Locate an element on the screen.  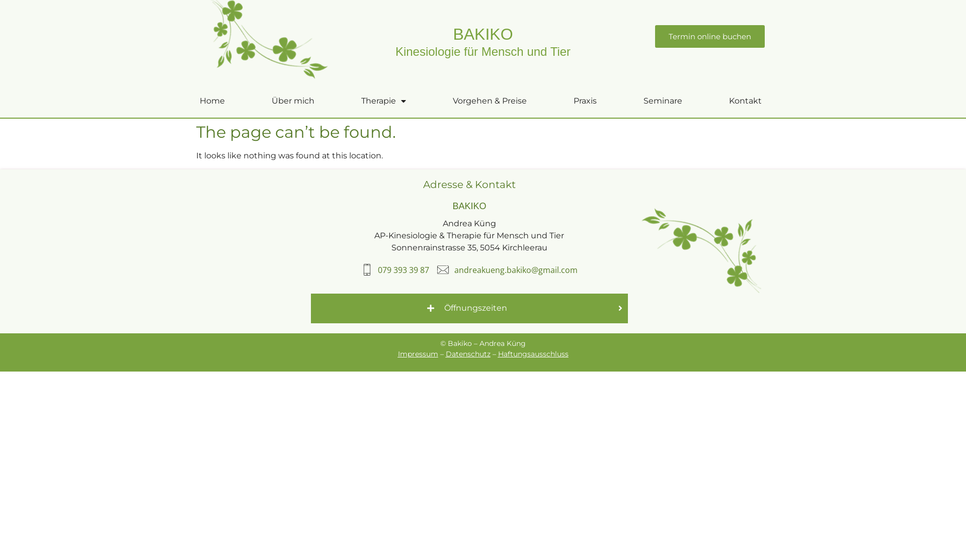
'Termin online buchen' is located at coordinates (709, 36).